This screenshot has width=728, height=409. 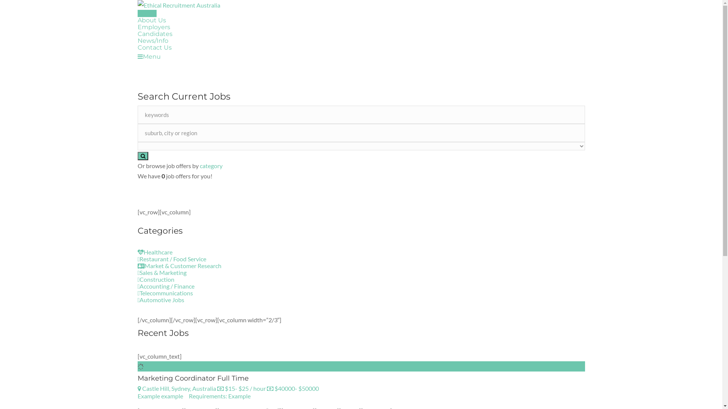 What do you see at coordinates (147, 13) in the screenshot?
I see `'Home'` at bounding box center [147, 13].